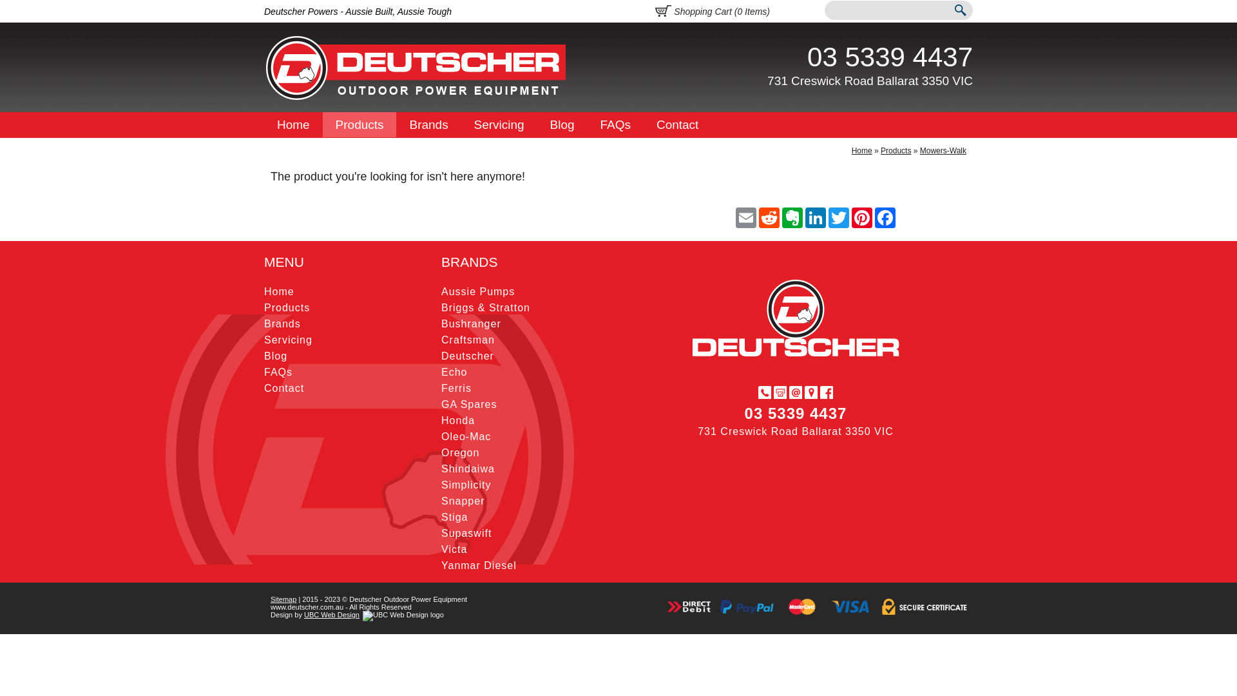  Describe the element at coordinates (428, 124) in the screenshot. I see `'Brands'` at that location.